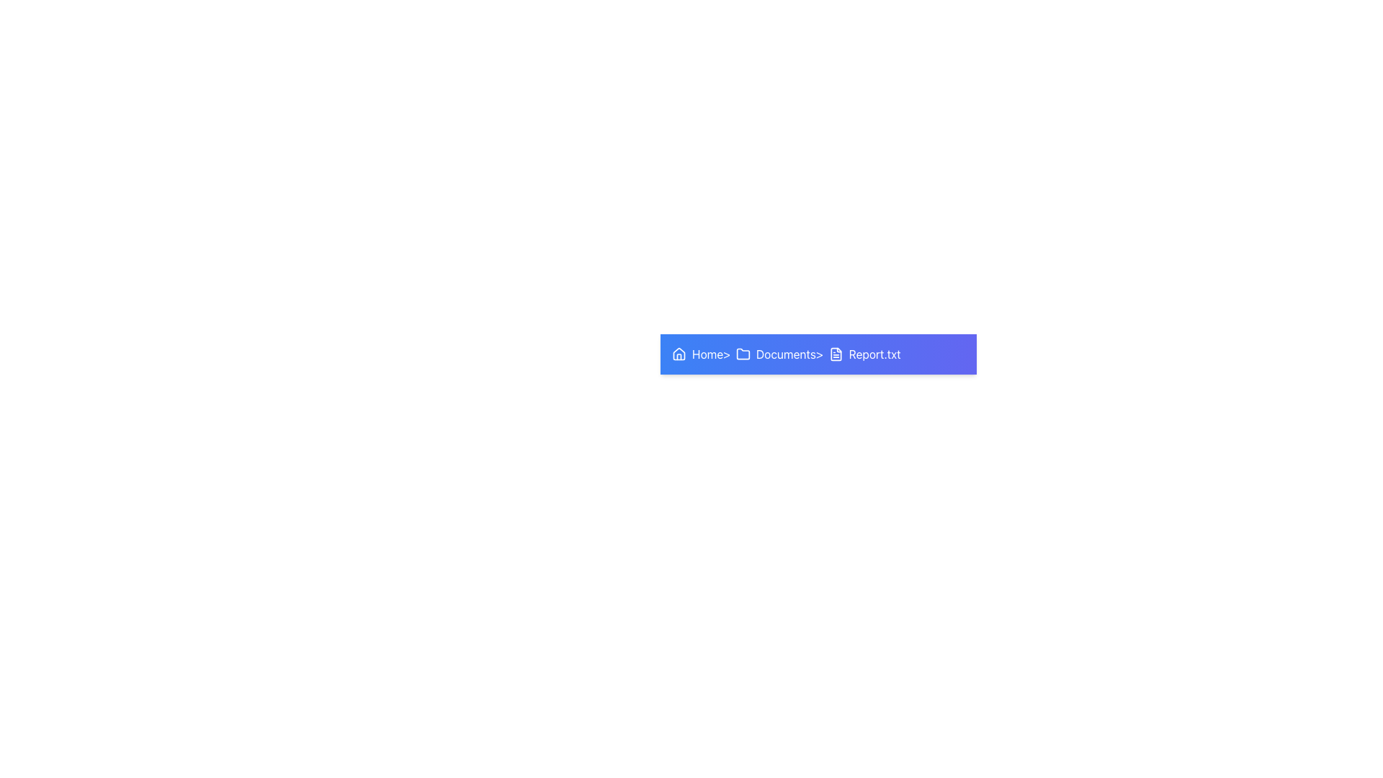 The width and height of the screenshot is (1383, 778). What do you see at coordinates (836, 354) in the screenshot?
I see `the 'Report.txt' file icon located in the breadcrumb navigation panel, positioned to the far right of the breadcrumb bar` at bounding box center [836, 354].